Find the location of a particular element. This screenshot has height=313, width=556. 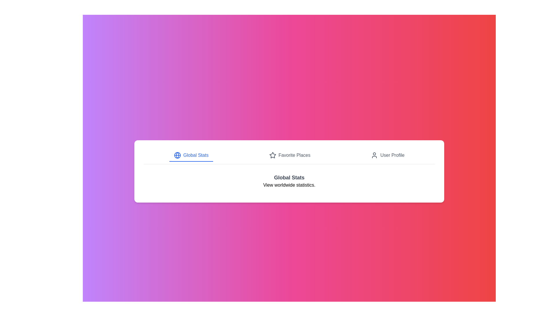

the 'Favorite Places' text label in the navigation bar is located at coordinates (294, 155).